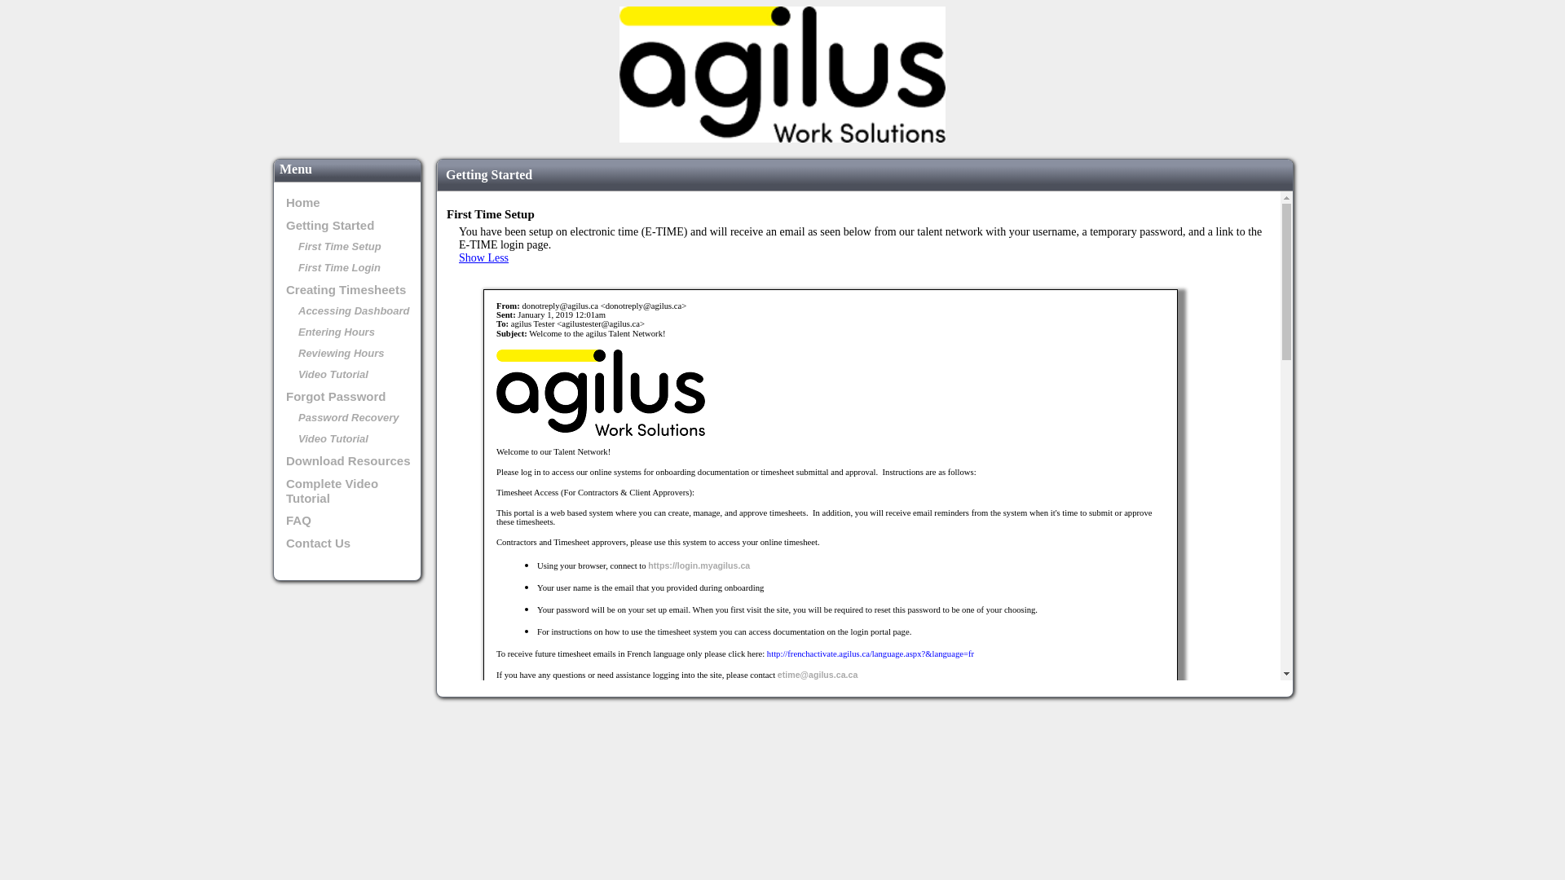  I want to click on 'Entering Hours', so click(335, 331).